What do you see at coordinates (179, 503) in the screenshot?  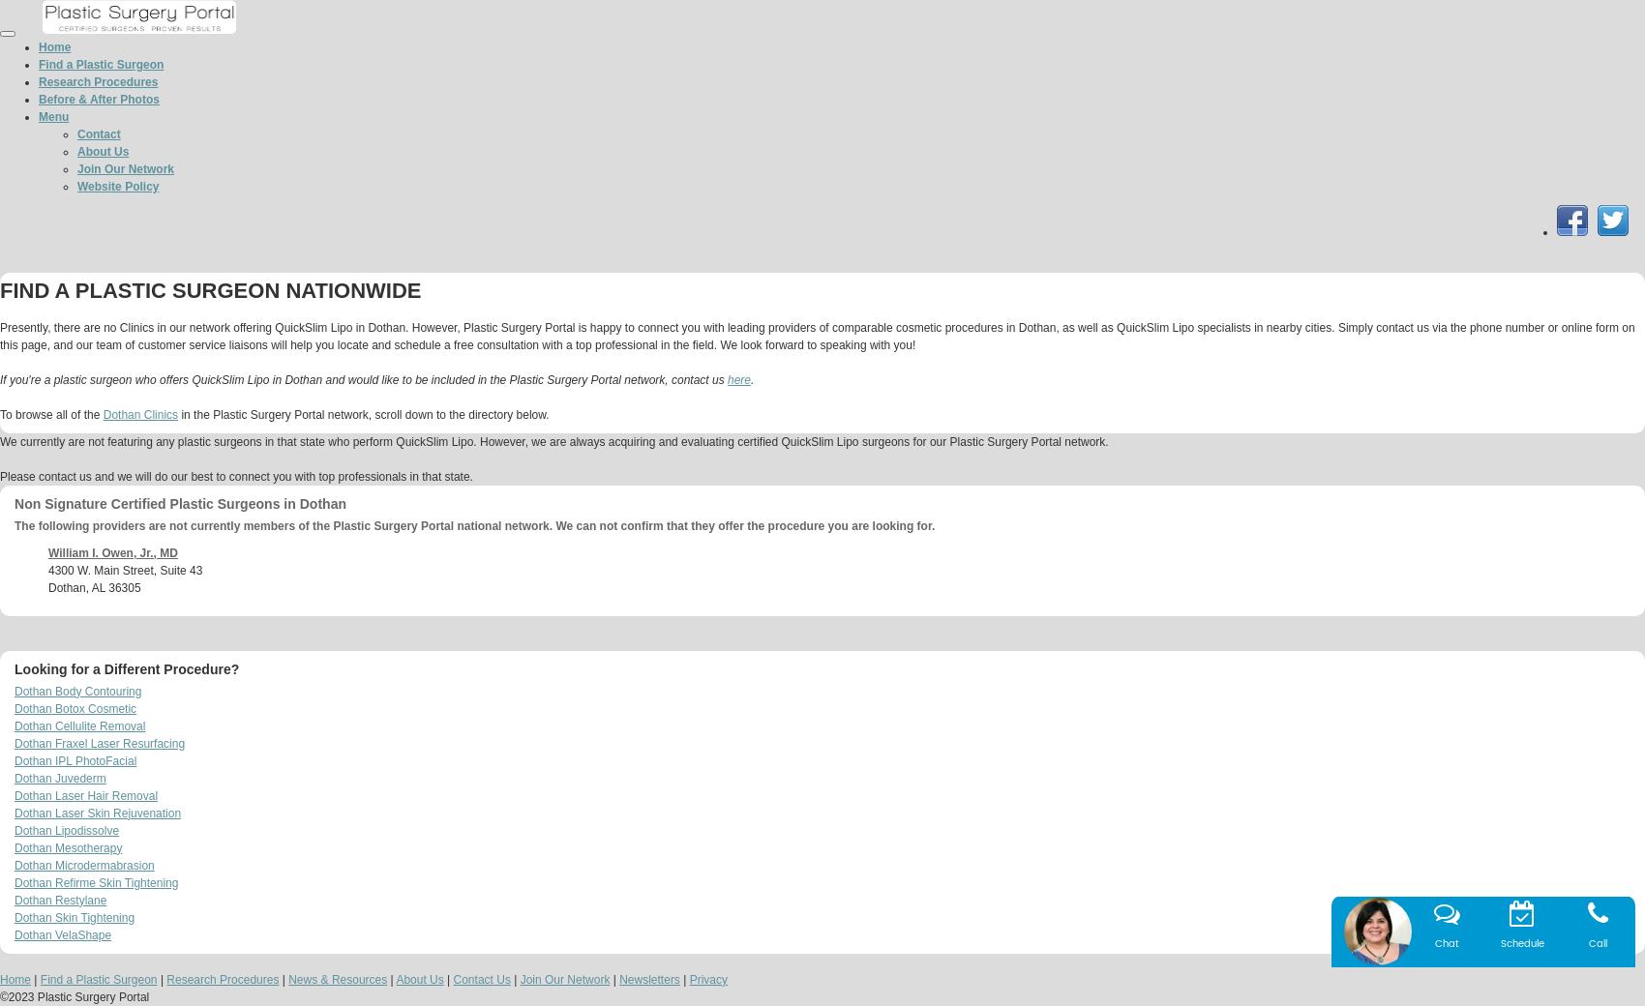 I see `'Non Signature Certified Plastic Surgeons in Dothan'` at bounding box center [179, 503].